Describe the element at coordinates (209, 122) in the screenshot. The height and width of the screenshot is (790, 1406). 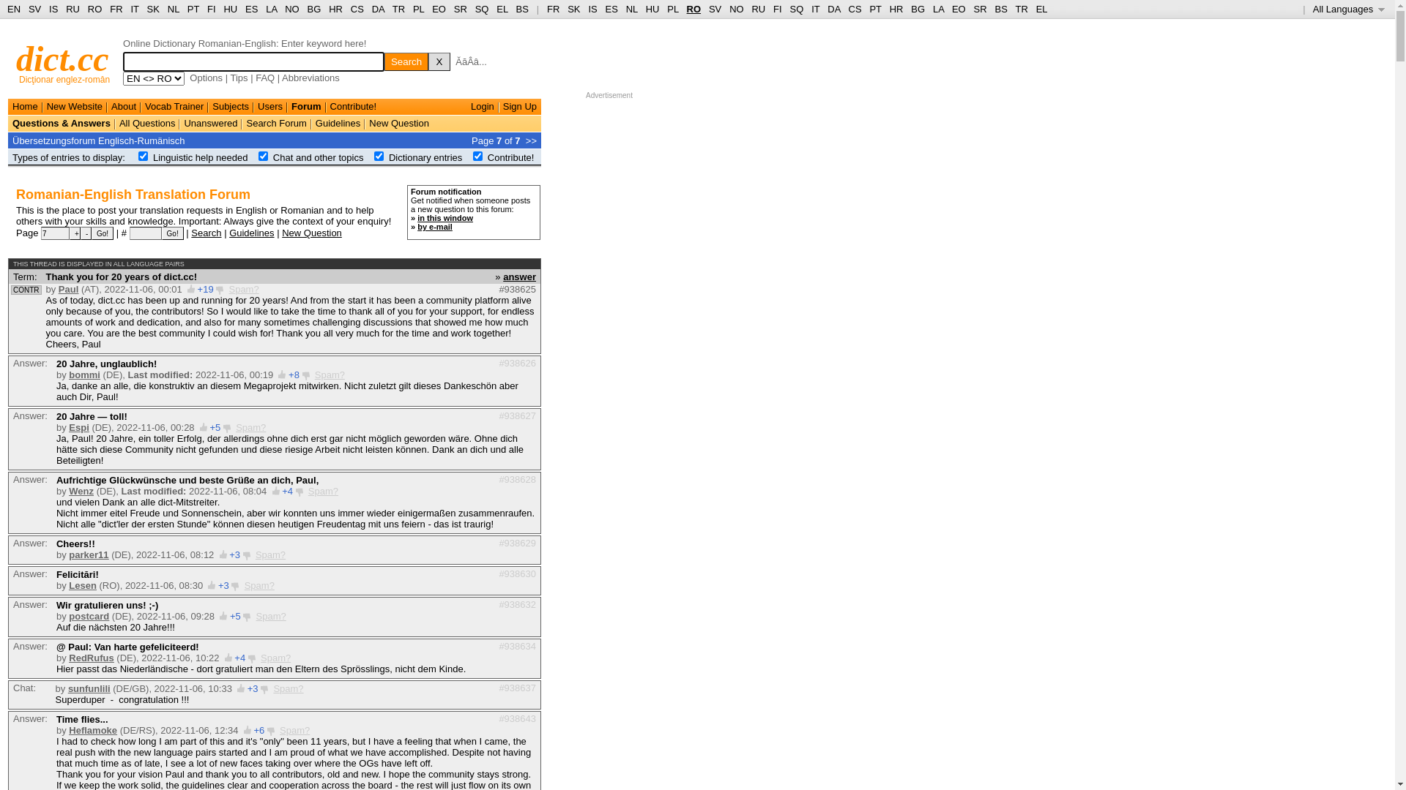
I see `'Unanswered'` at that location.